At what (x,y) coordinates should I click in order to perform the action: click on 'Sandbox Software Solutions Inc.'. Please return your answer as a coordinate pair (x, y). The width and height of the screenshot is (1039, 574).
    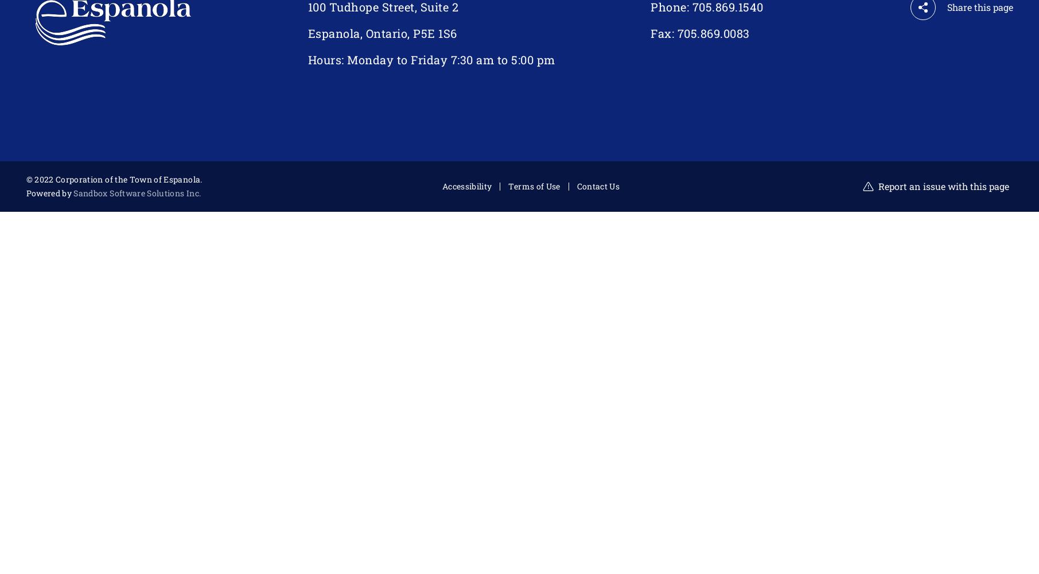
    Looking at the image, I should click on (137, 192).